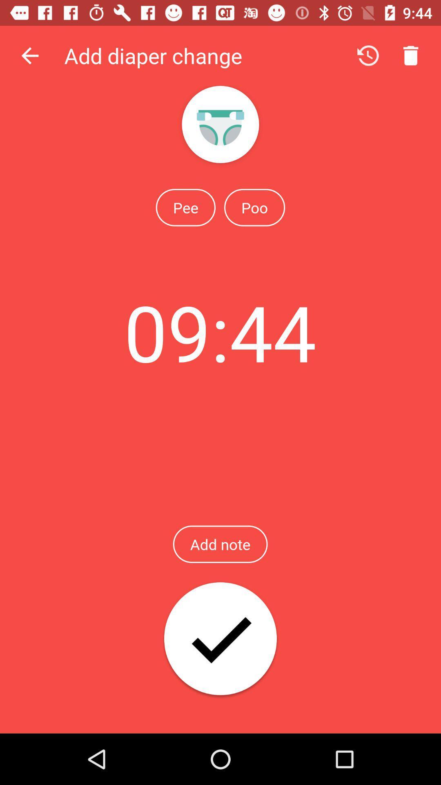  I want to click on the item to the left of the poo icon, so click(185, 207).